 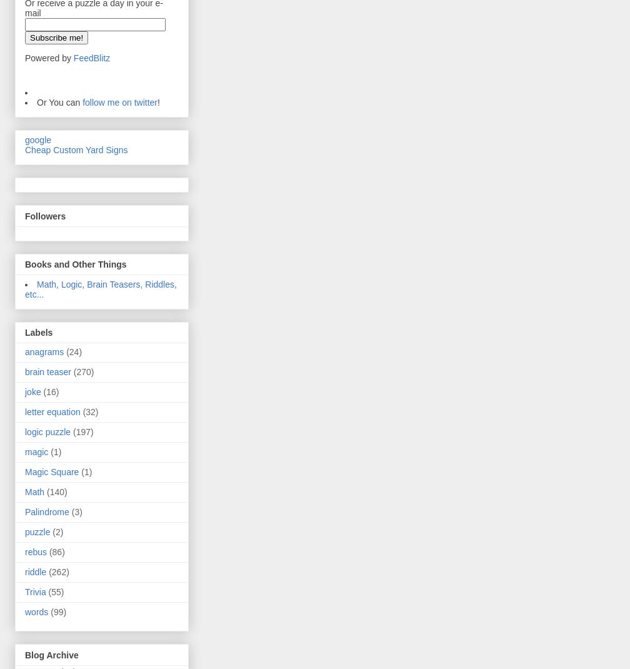 What do you see at coordinates (74, 351) in the screenshot?
I see `'(24)'` at bounding box center [74, 351].